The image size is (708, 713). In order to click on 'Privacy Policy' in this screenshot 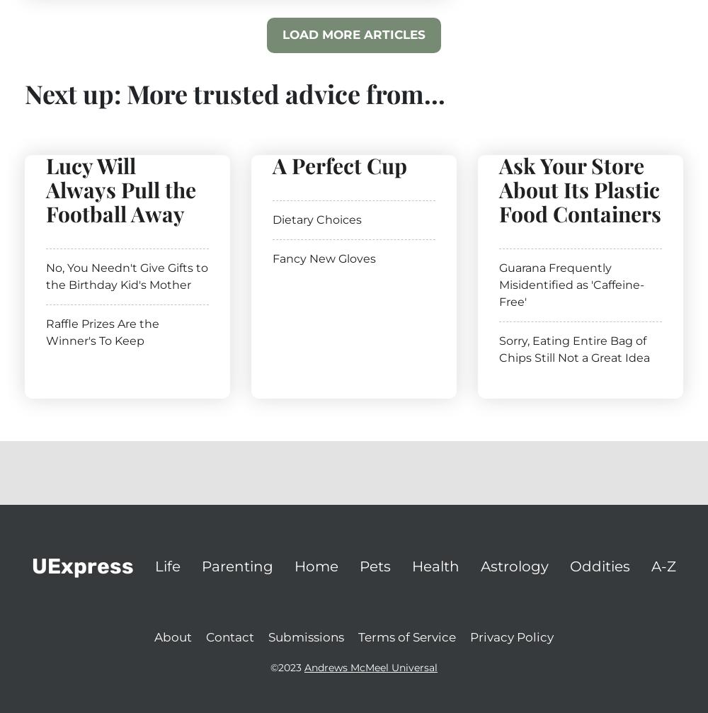, I will do `click(511, 636)`.